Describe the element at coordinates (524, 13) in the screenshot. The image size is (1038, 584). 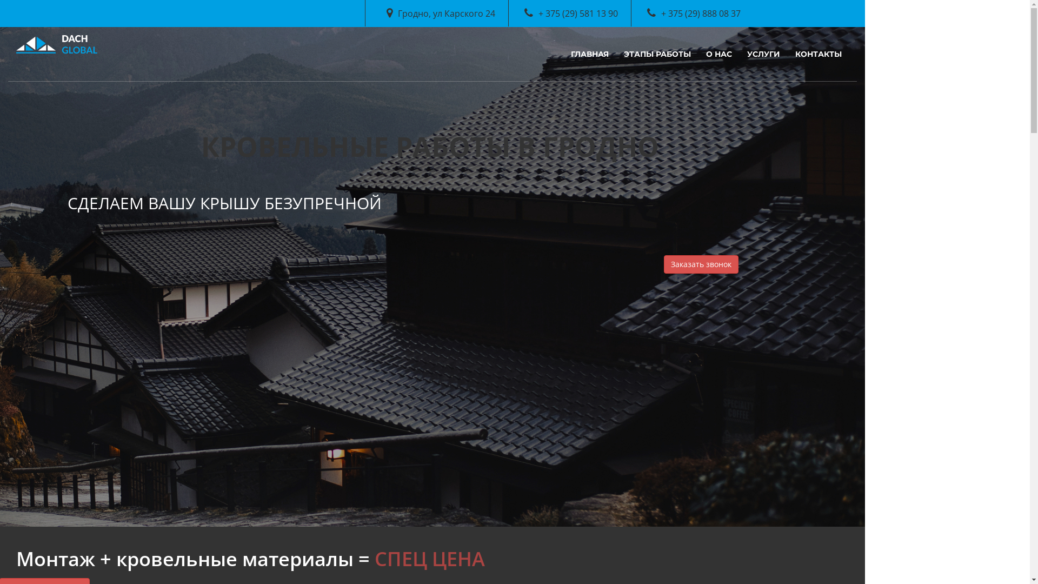
I see `'+ 375 (29) 581 13 90'` at that location.